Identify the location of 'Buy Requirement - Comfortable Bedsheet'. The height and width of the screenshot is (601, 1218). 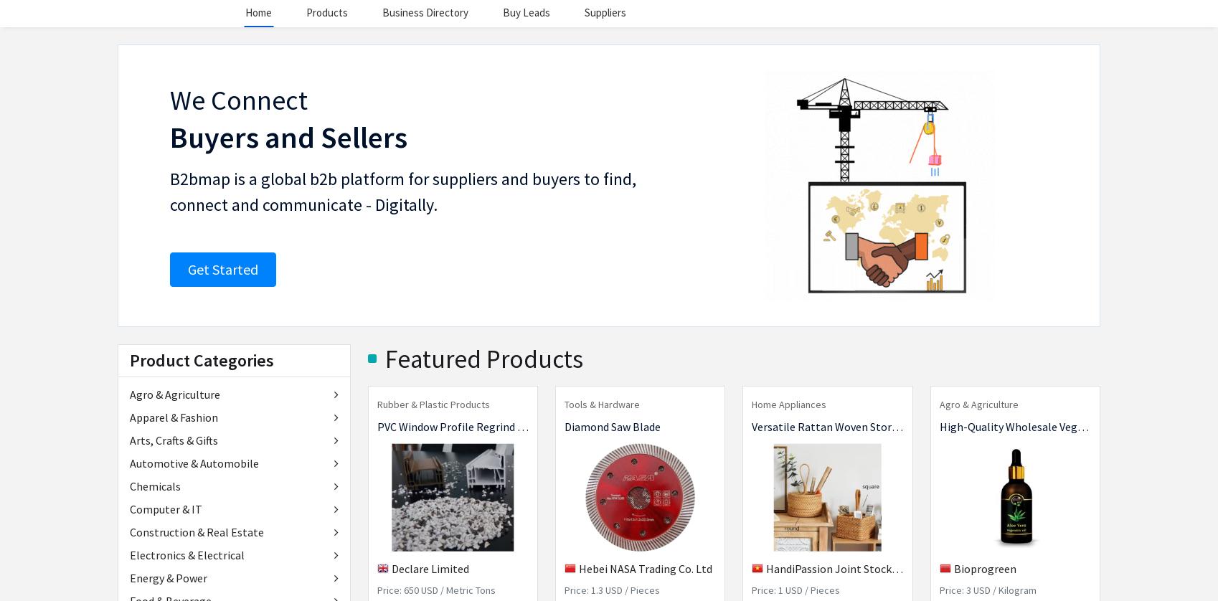
(567, 559).